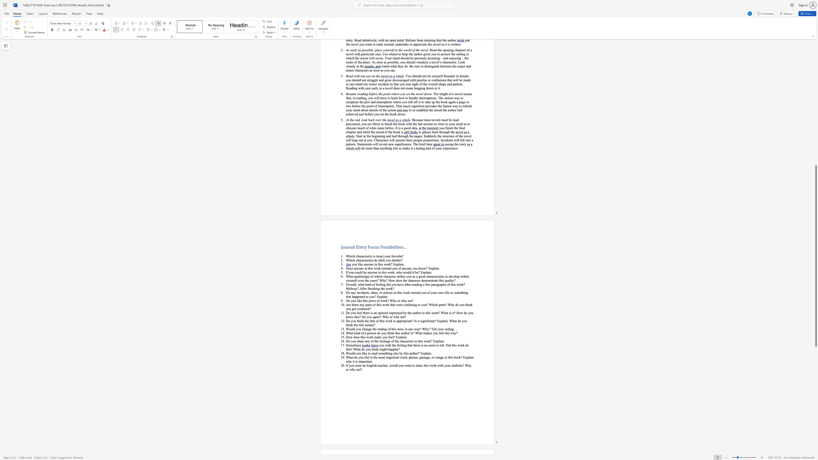 The width and height of the screenshot is (818, 460). I want to click on the 1th character "m" in the text, so click(426, 280).